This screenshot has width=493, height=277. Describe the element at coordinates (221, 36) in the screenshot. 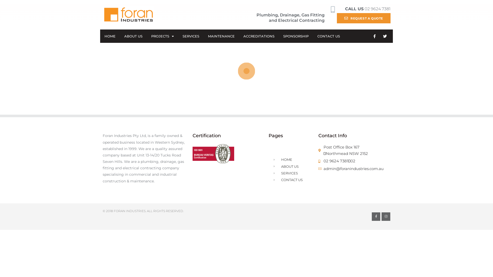

I see `'MAINTENANCE'` at that location.